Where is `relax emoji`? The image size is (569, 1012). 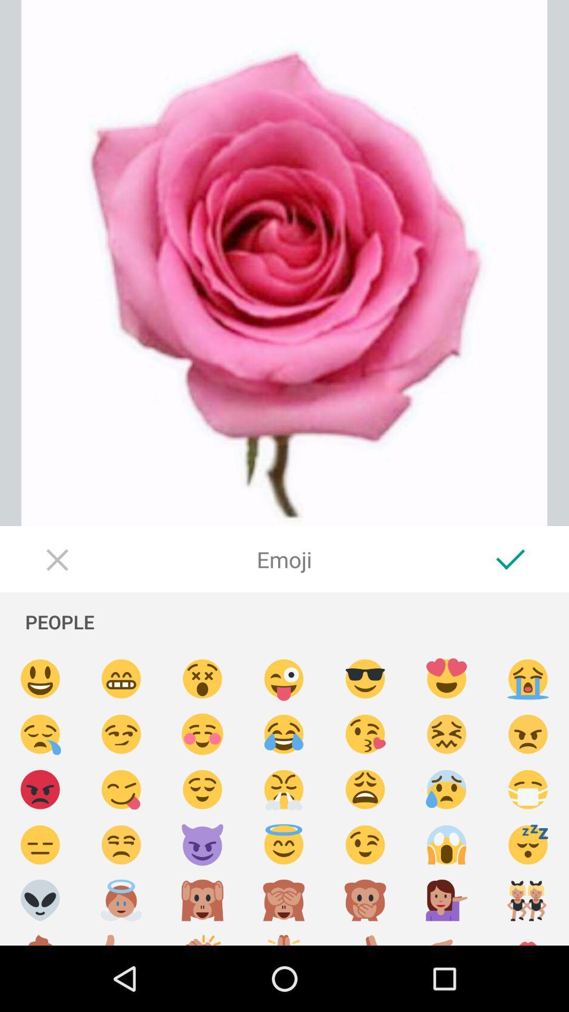 relax emoji is located at coordinates (202, 790).